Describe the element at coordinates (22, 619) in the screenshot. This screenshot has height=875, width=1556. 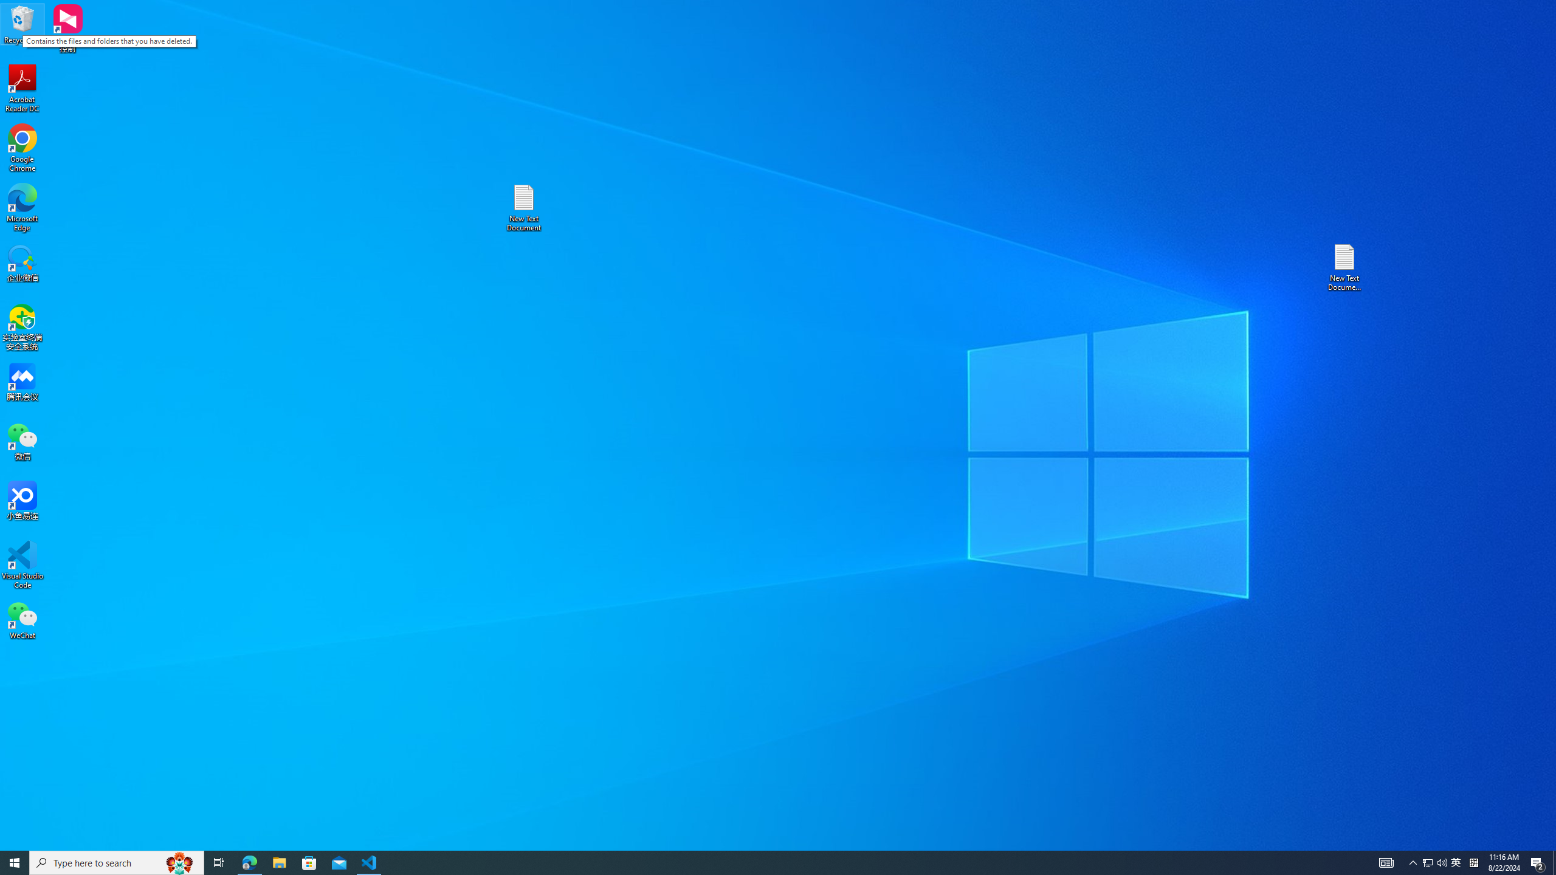
I see `'WeChat'` at that location.